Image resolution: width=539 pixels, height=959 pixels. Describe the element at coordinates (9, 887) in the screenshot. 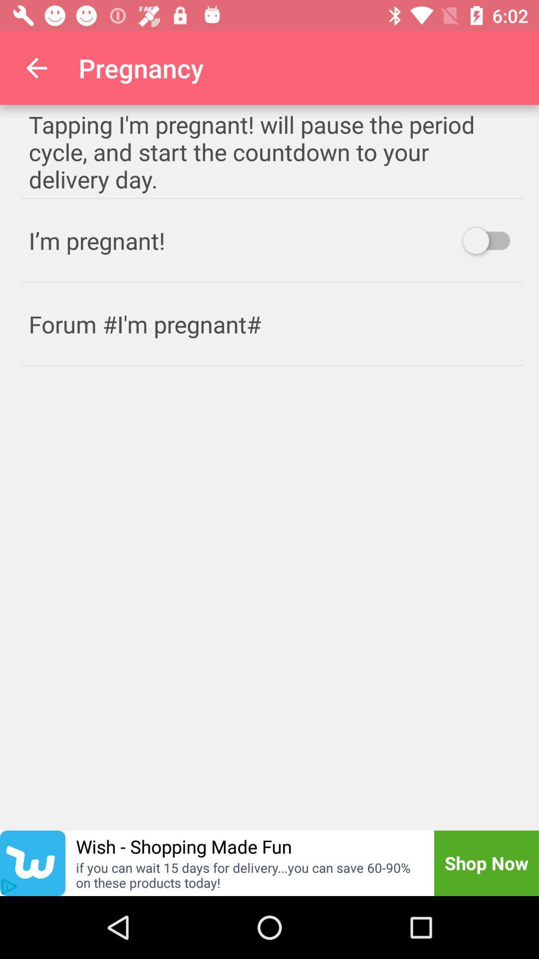

I see `the play icon` at that location.